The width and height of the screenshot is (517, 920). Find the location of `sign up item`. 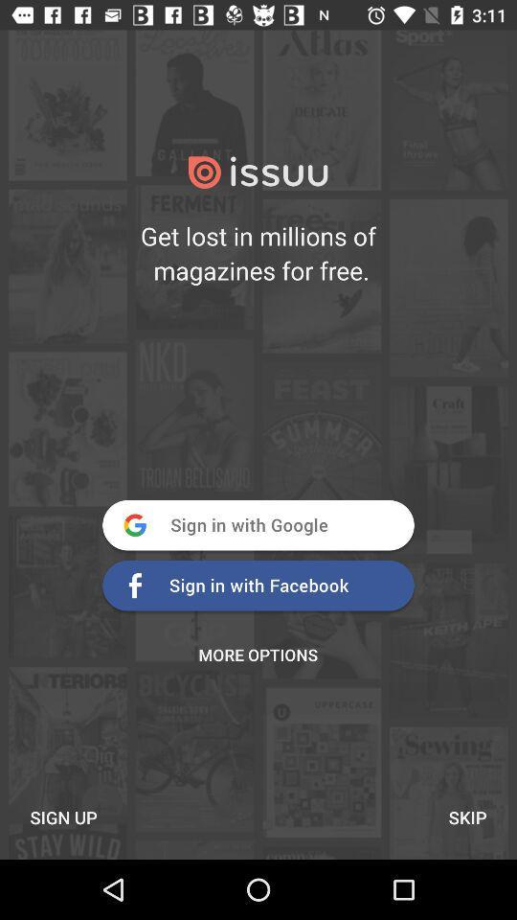

sign up item is located at coordinates (63, 816).